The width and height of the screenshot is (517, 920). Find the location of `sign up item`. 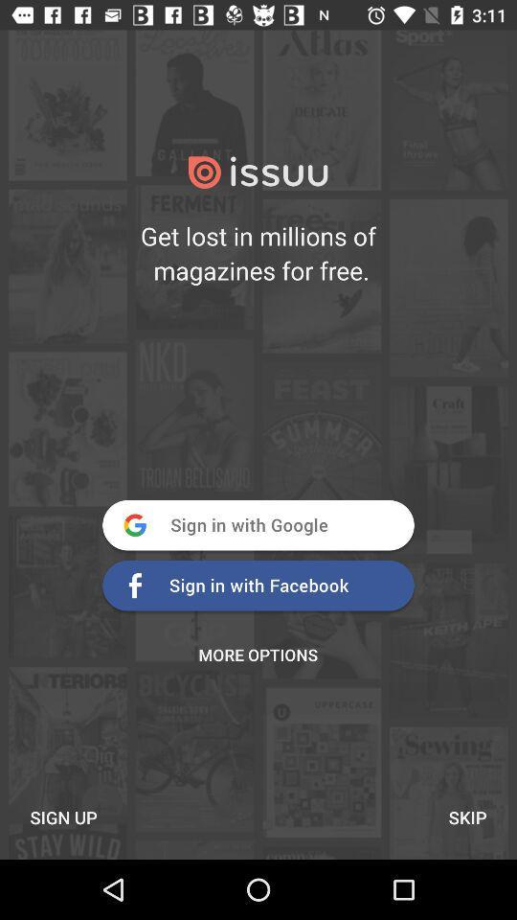

sign up item is located at coordinates (63, 816).